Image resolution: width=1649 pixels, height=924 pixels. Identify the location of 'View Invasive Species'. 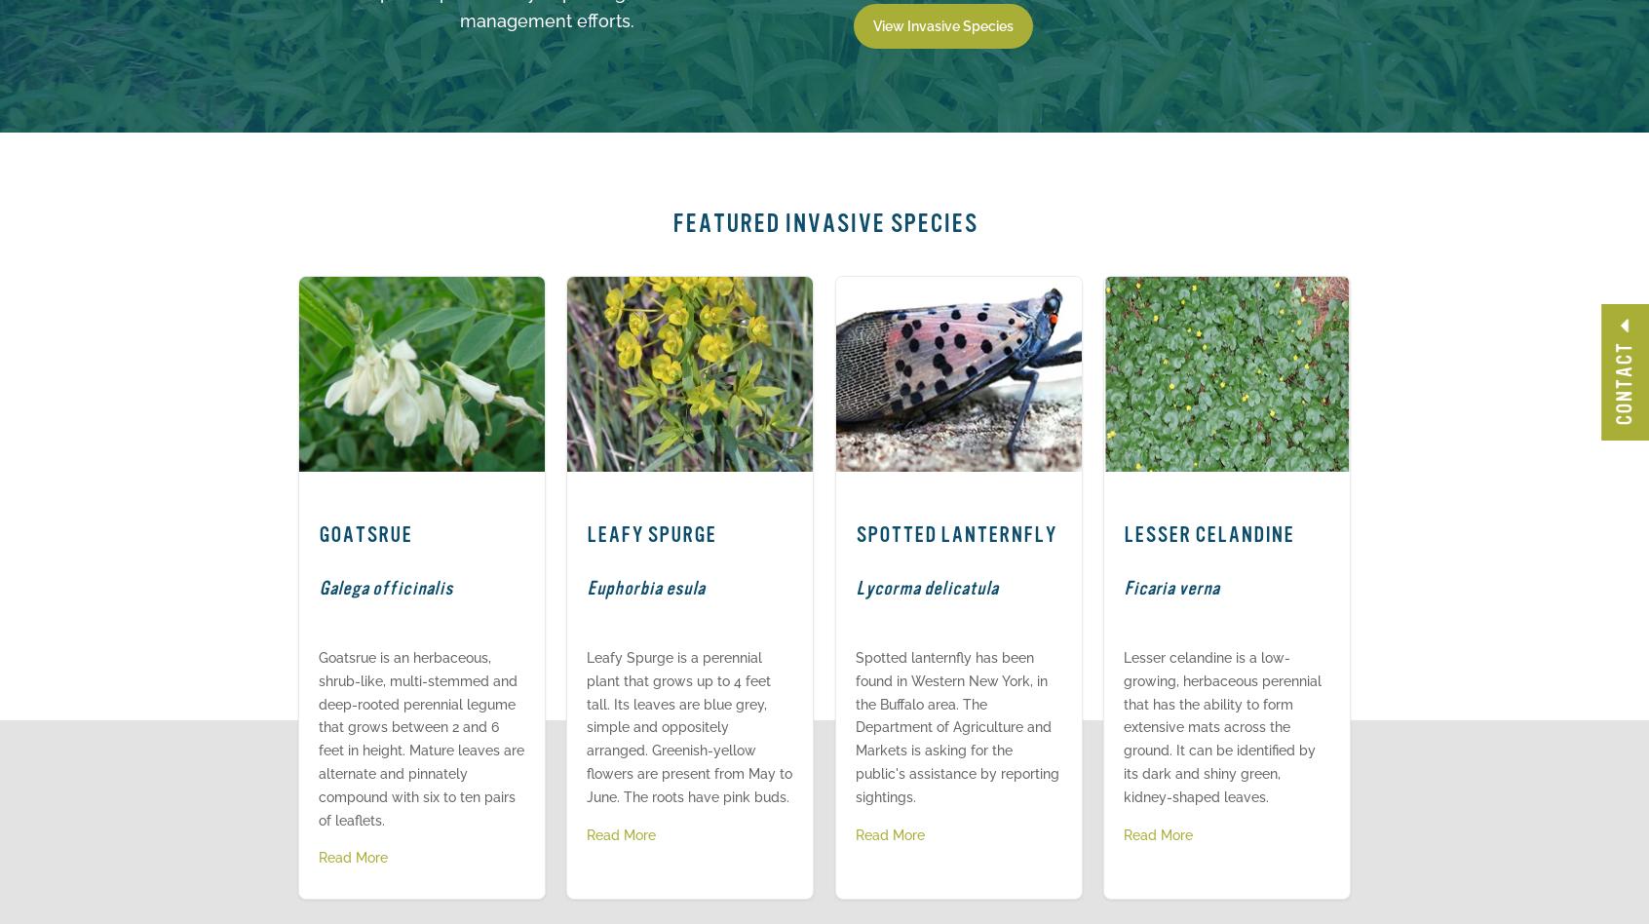
(871, 26).